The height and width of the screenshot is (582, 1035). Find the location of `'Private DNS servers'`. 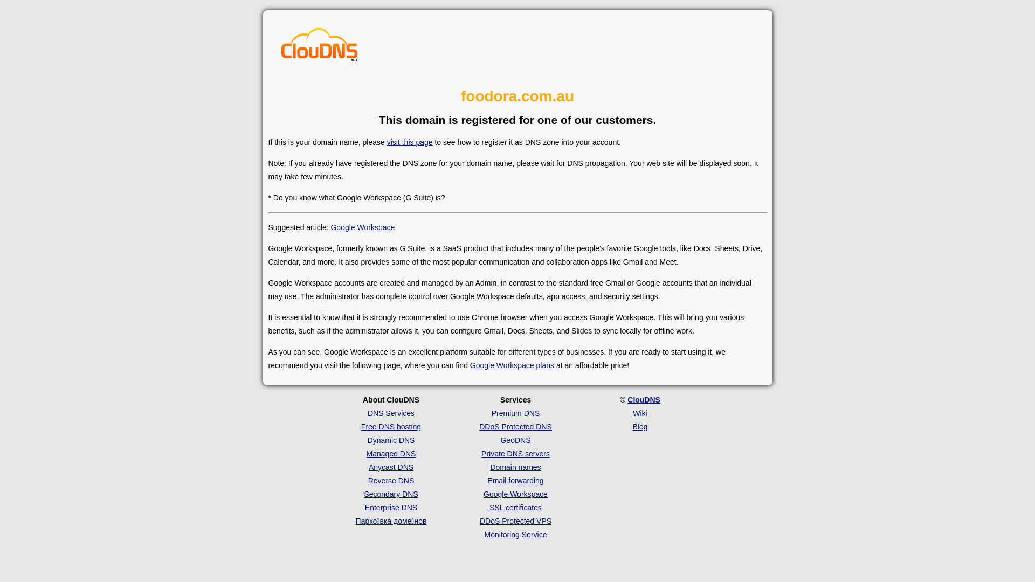

'Private DNS servers' is located at coordinates (515, 453).